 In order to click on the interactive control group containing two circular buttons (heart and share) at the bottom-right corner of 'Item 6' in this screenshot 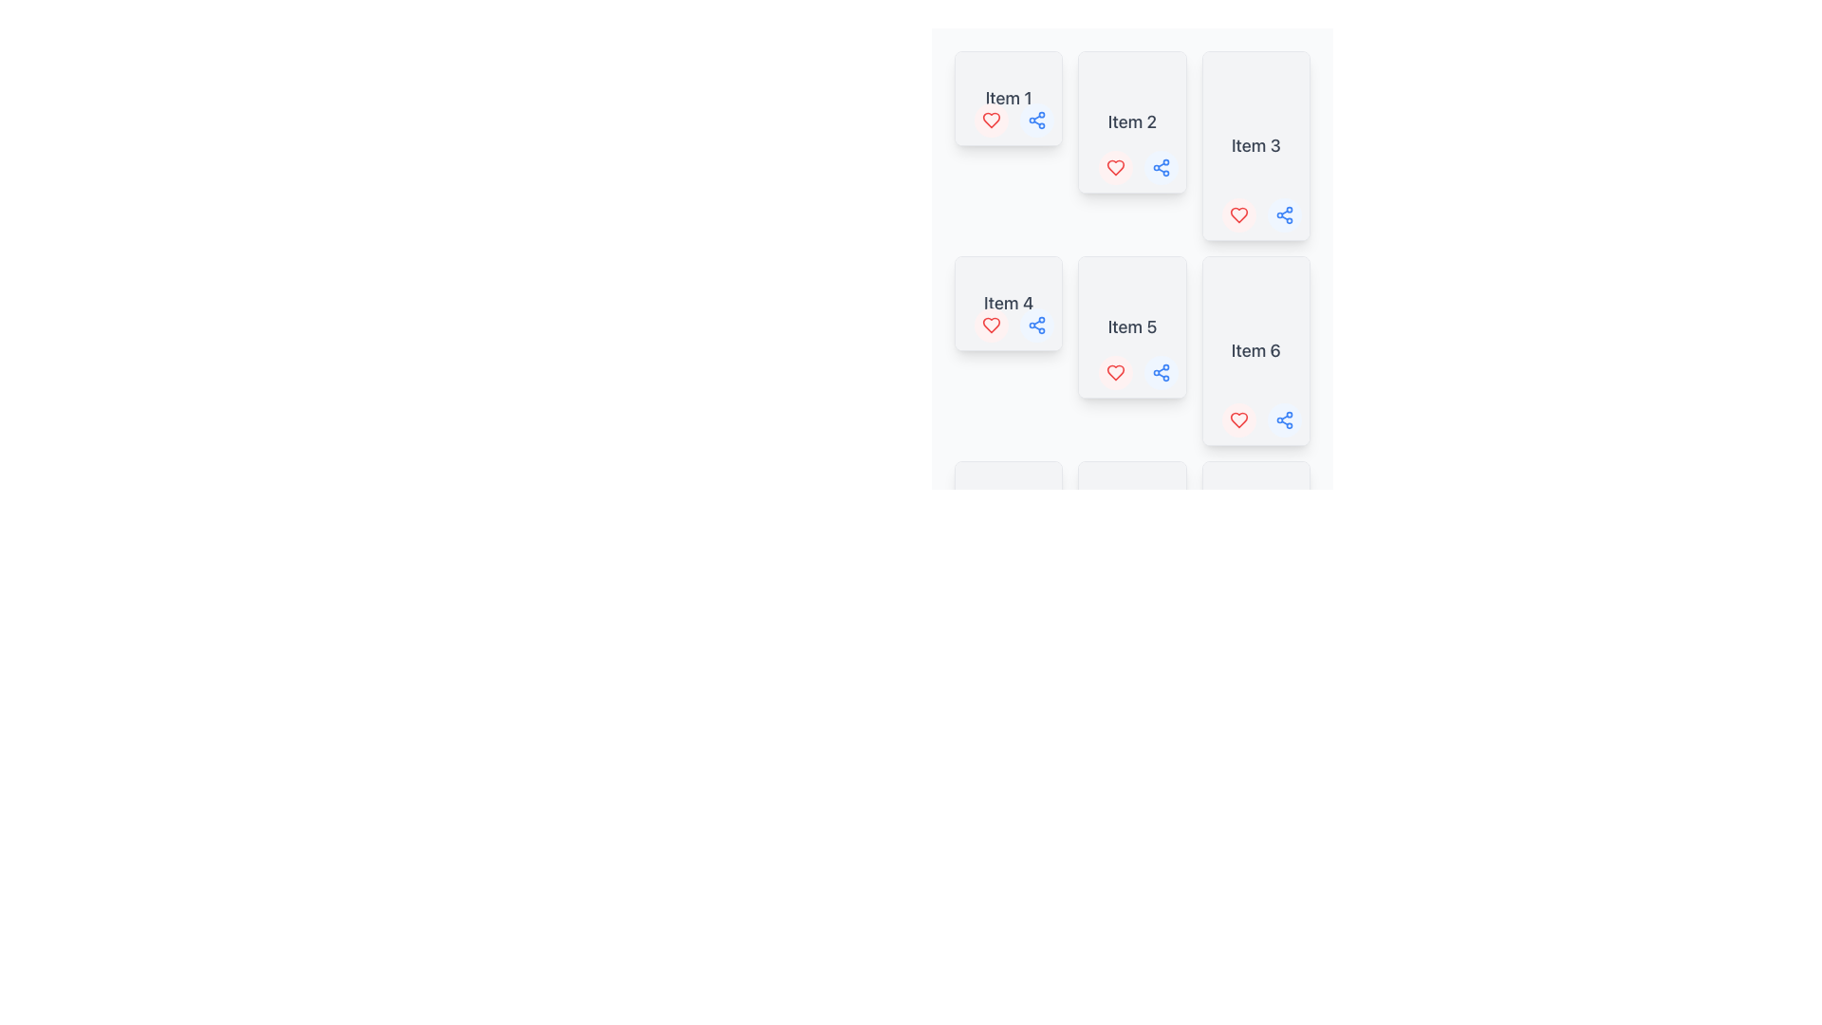, I will do `click(1261, 419)`.